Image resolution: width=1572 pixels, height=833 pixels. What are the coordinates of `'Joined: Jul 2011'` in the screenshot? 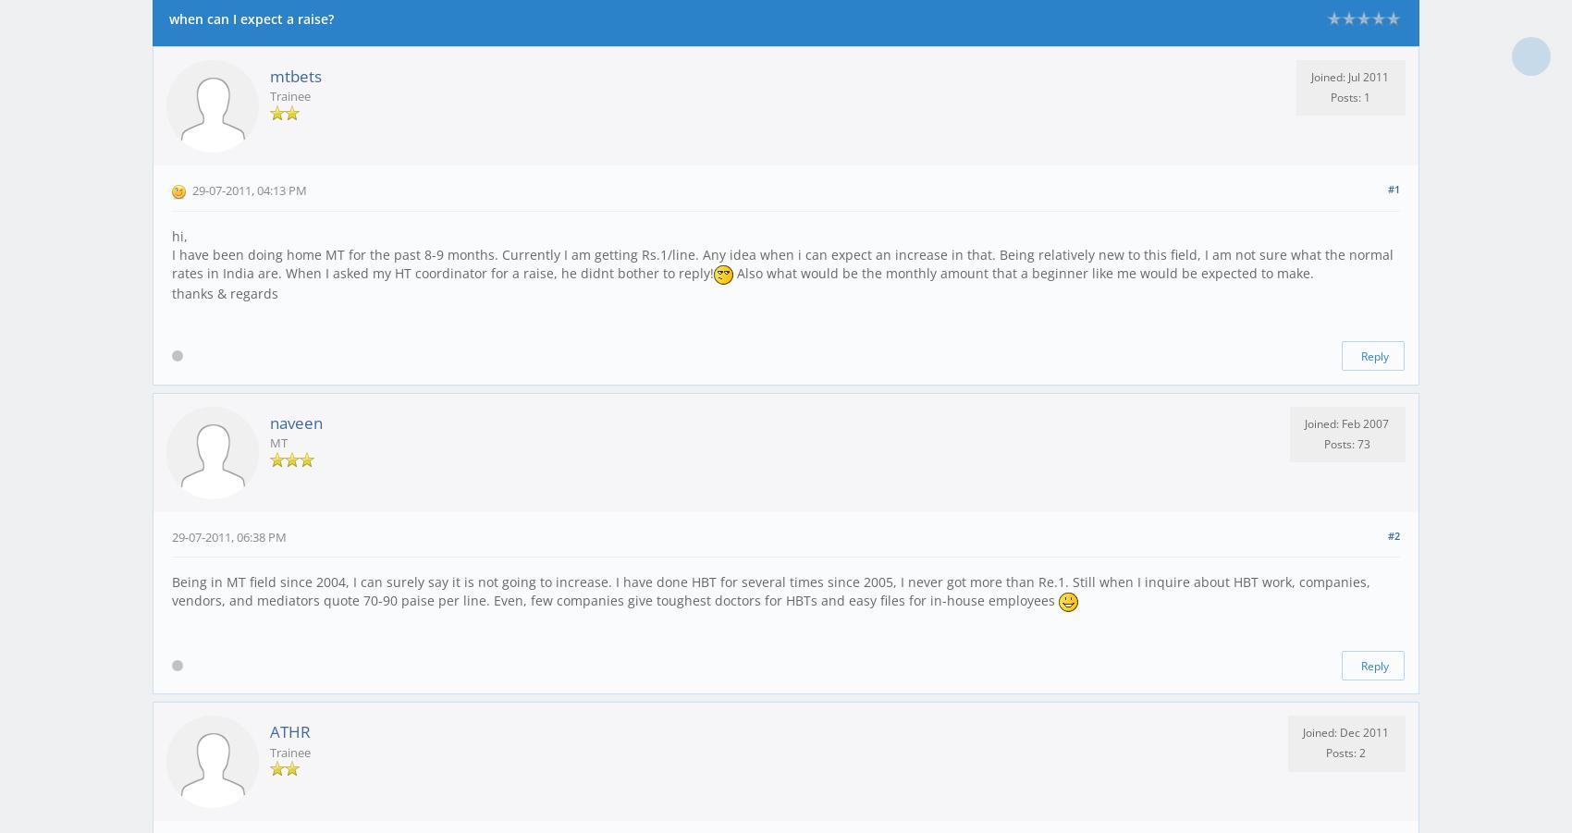 It's located at (1348, 75).